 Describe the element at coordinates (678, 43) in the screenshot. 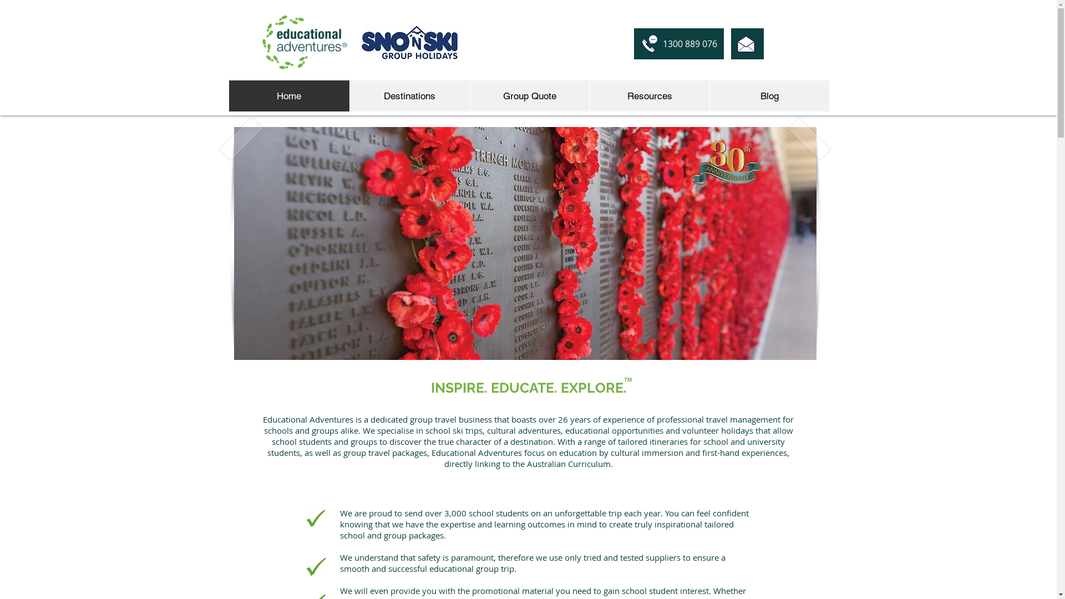

I see `'1300 889 076'` at that location.